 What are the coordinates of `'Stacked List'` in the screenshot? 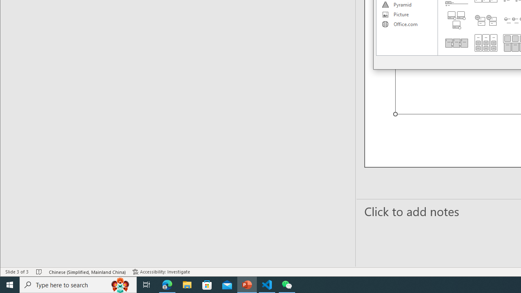 It's located at (486, 20).